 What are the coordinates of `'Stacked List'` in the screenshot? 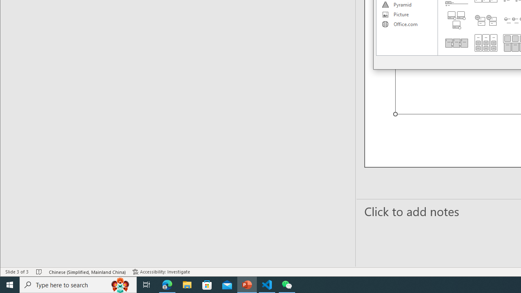 It's located at (486, 20).